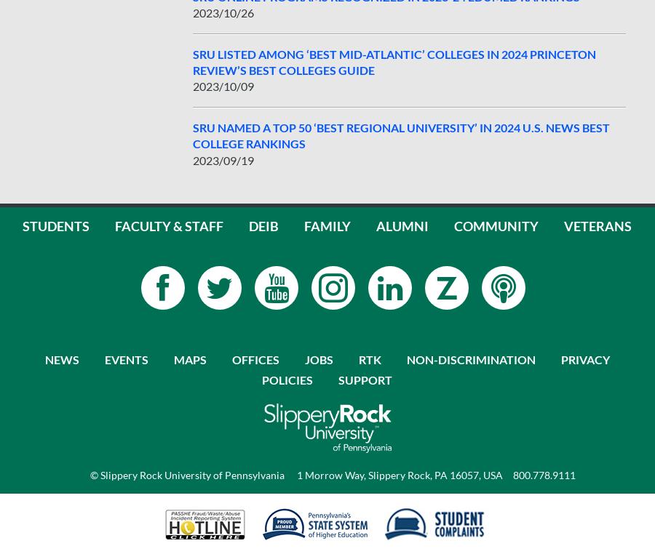 Image resolution: width=655 pixels, height=554 pixels. I want to click on 'News', so click(60, 359).